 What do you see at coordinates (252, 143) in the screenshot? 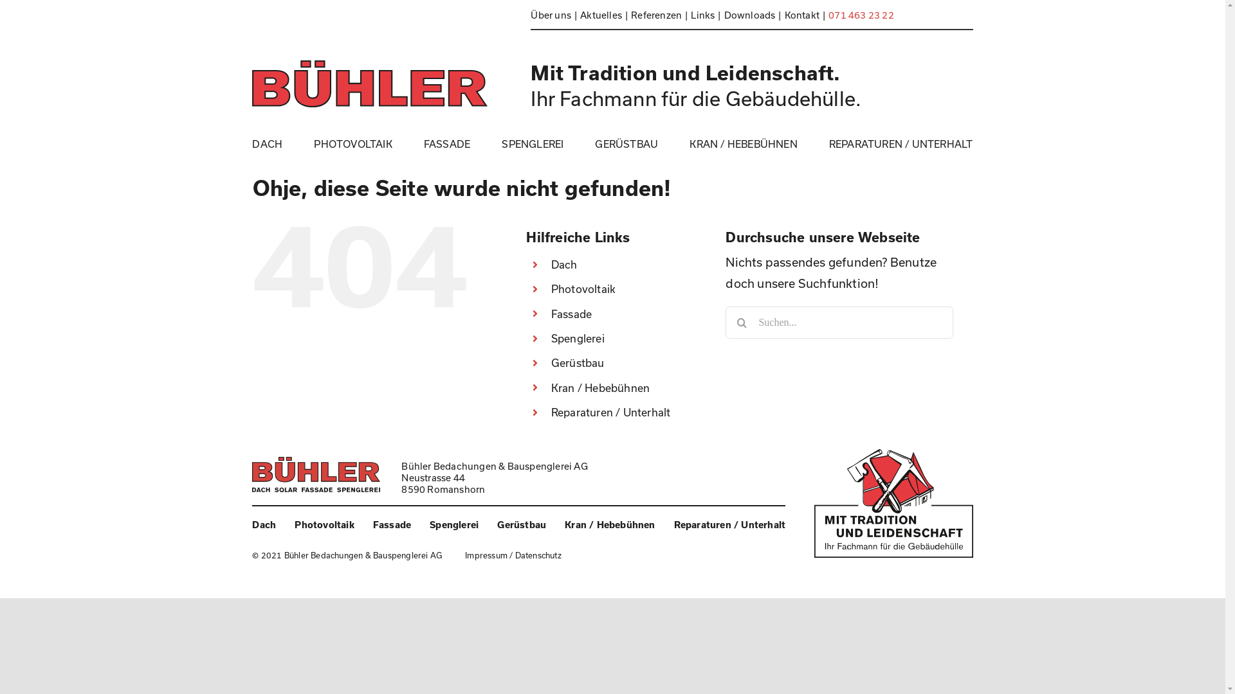
I see `'DACH'` at bounding box center [252, 143].